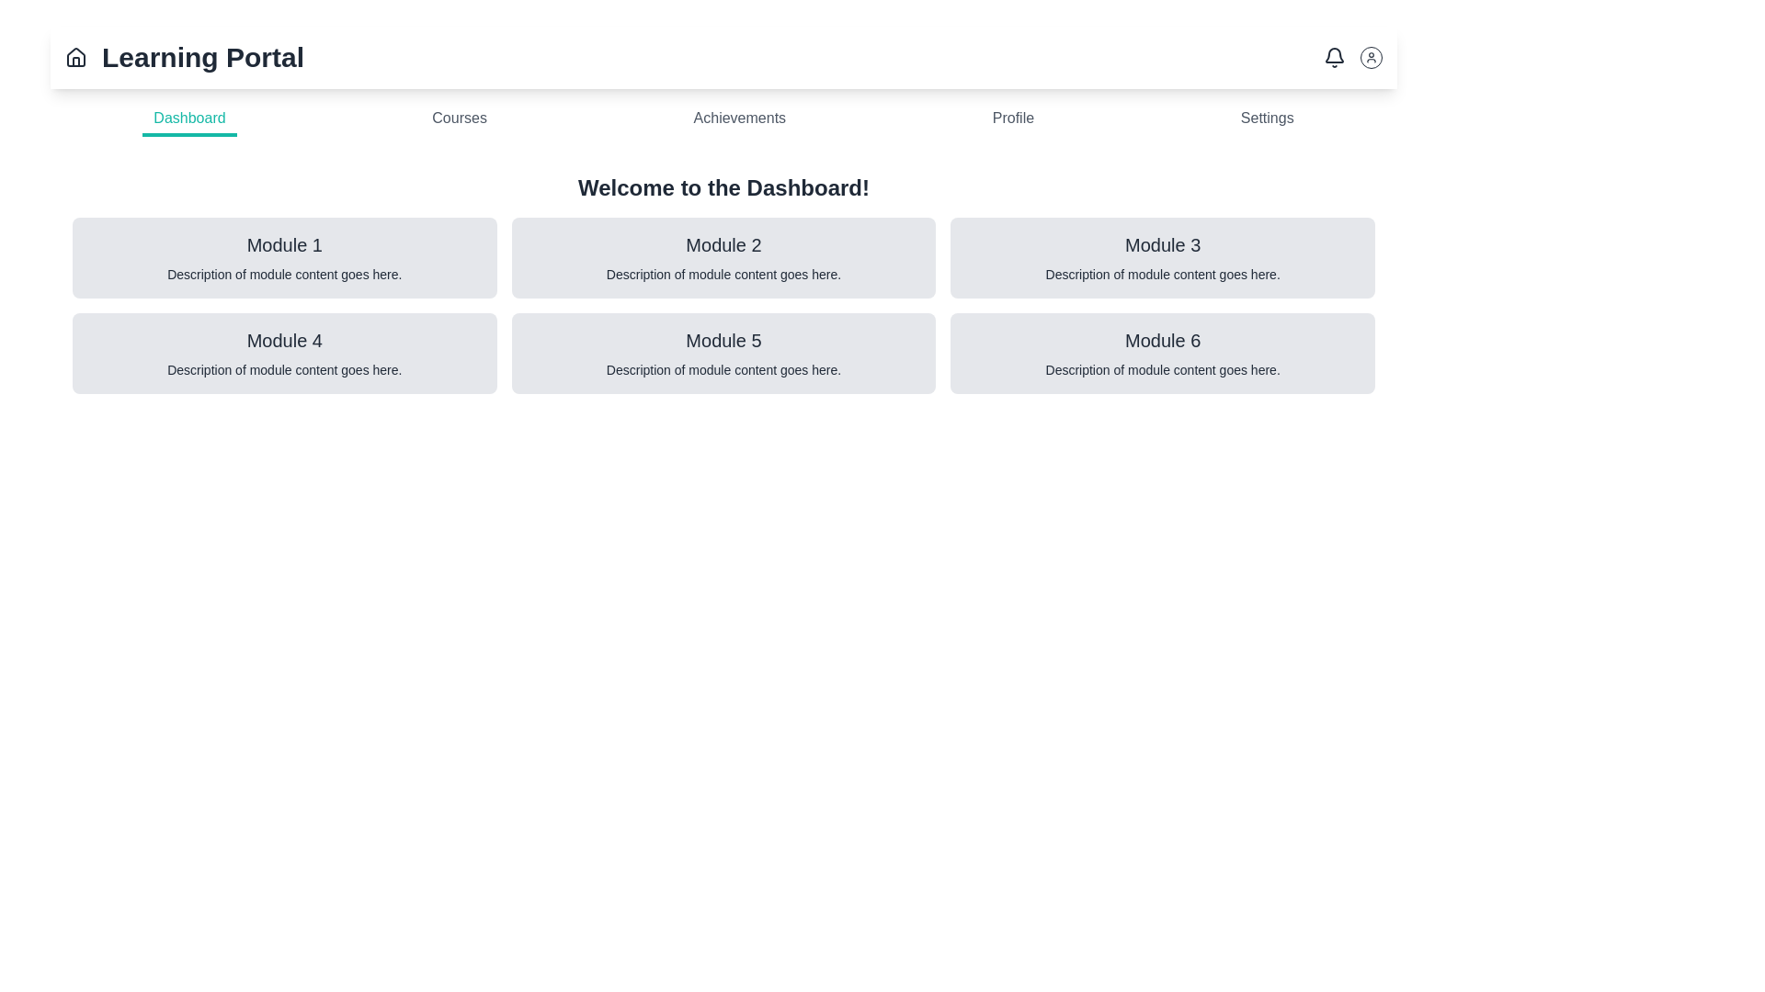 The height and width of the screenshot is (992, 1765). I want to click on the highlighted active link 'Dashboard' in the horizontal navigation bar to understand the current context, so click(723, 120).